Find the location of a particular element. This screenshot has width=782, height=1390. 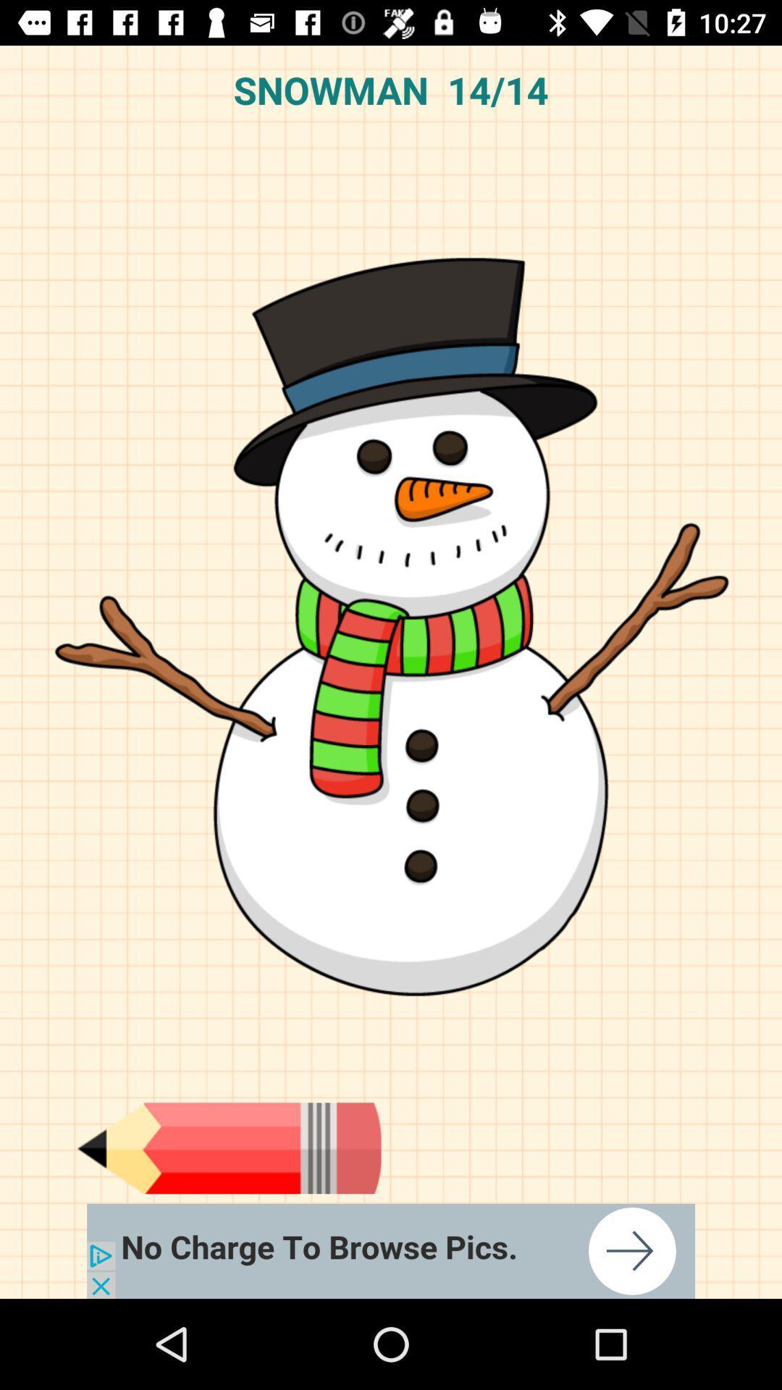

google advertisements is located at coordinates (391, 1250).